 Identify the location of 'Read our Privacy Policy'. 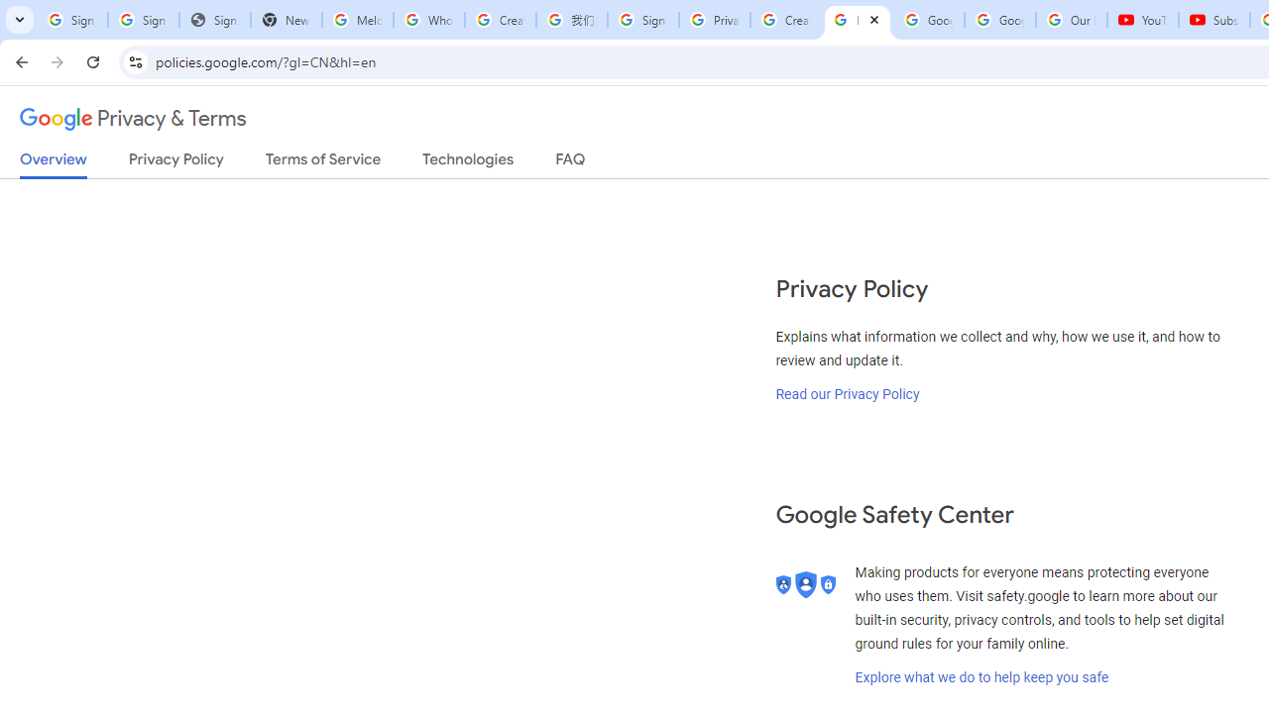
(848, 393).